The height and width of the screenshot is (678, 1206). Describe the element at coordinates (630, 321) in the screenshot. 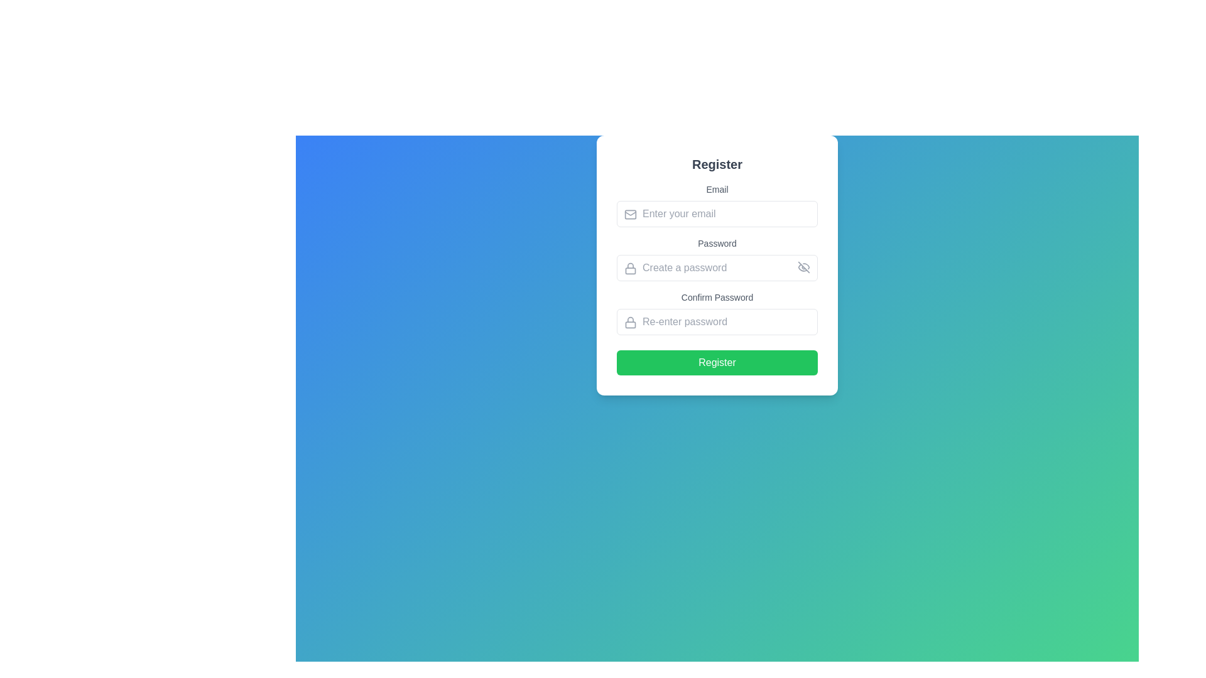

I see `the gray lock icon located at the far left of the 'Re-enter password' input field` at that location.